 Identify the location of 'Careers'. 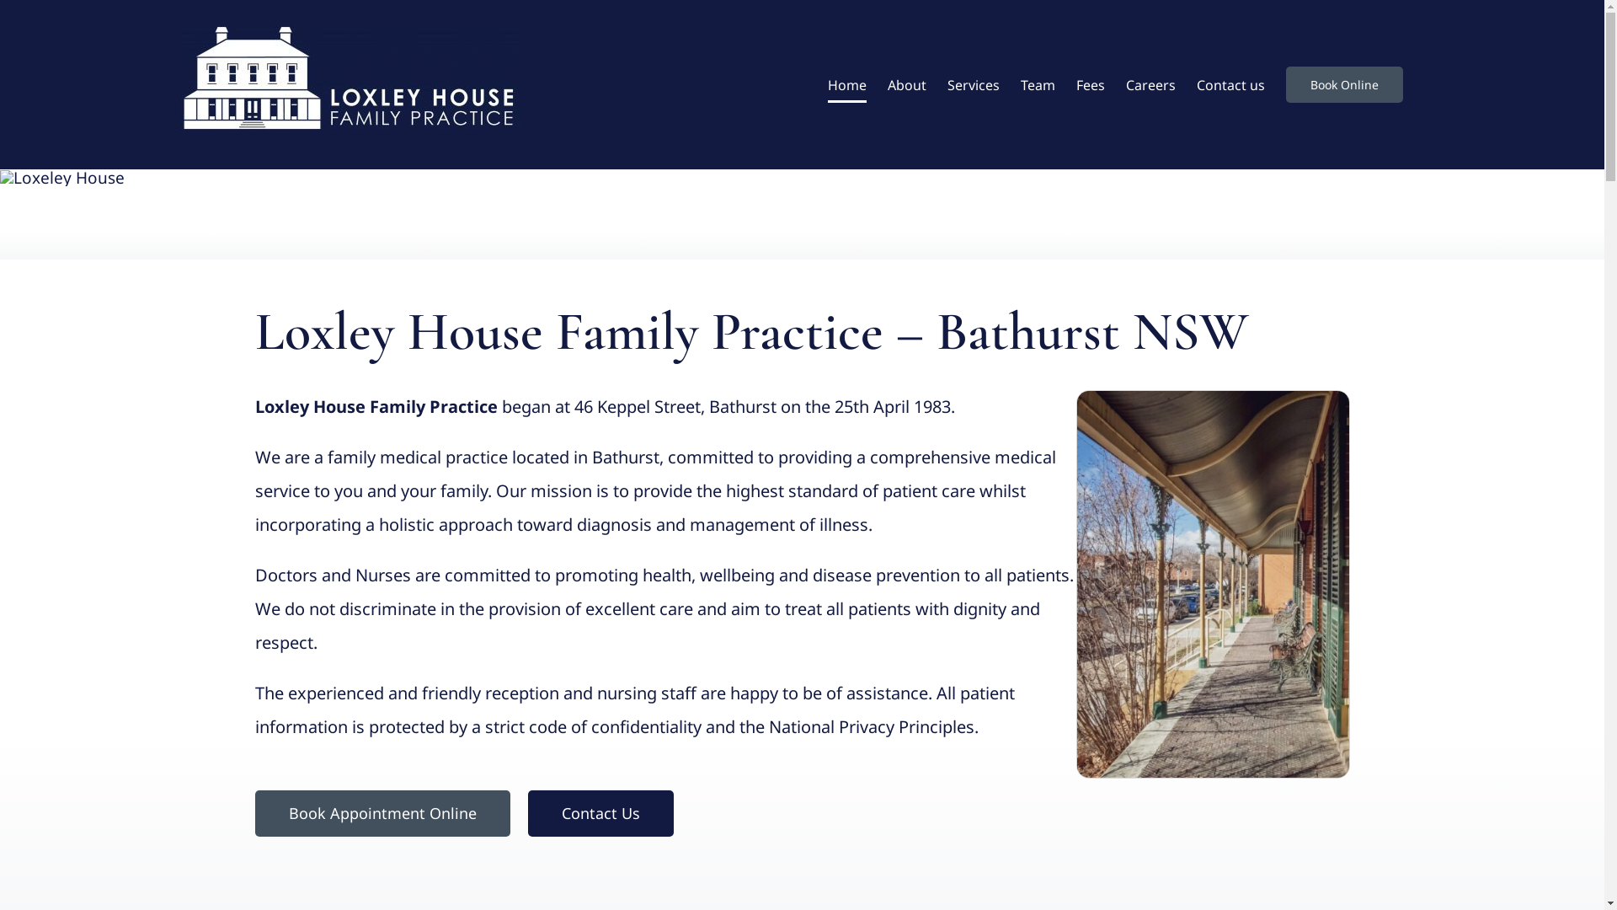
(1149, 84).